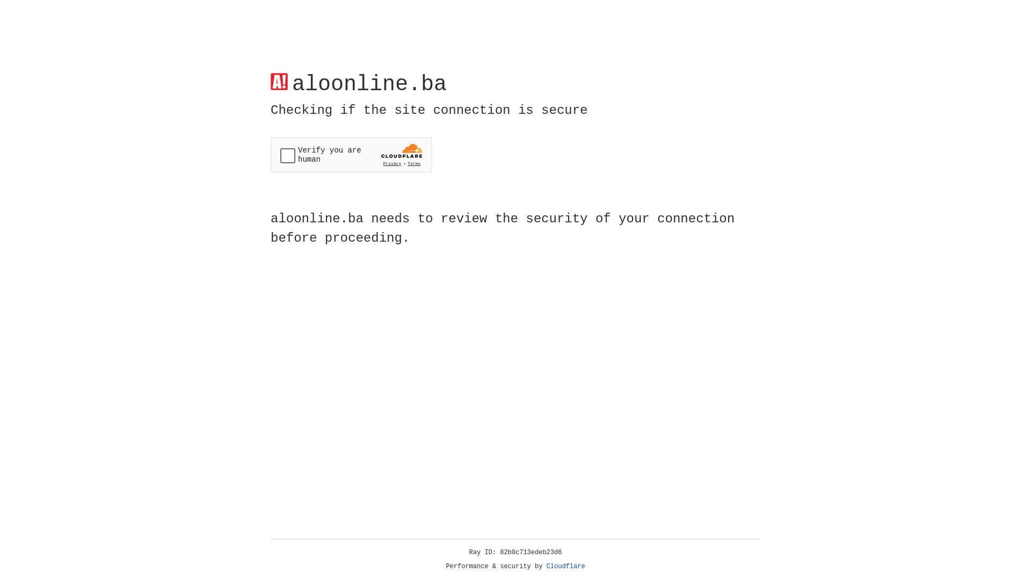 This screenshot has width=1031, height=580. Describe the element at coordinates (565, 566) in the screenshot. I see `'Cloudflare'` at that location.